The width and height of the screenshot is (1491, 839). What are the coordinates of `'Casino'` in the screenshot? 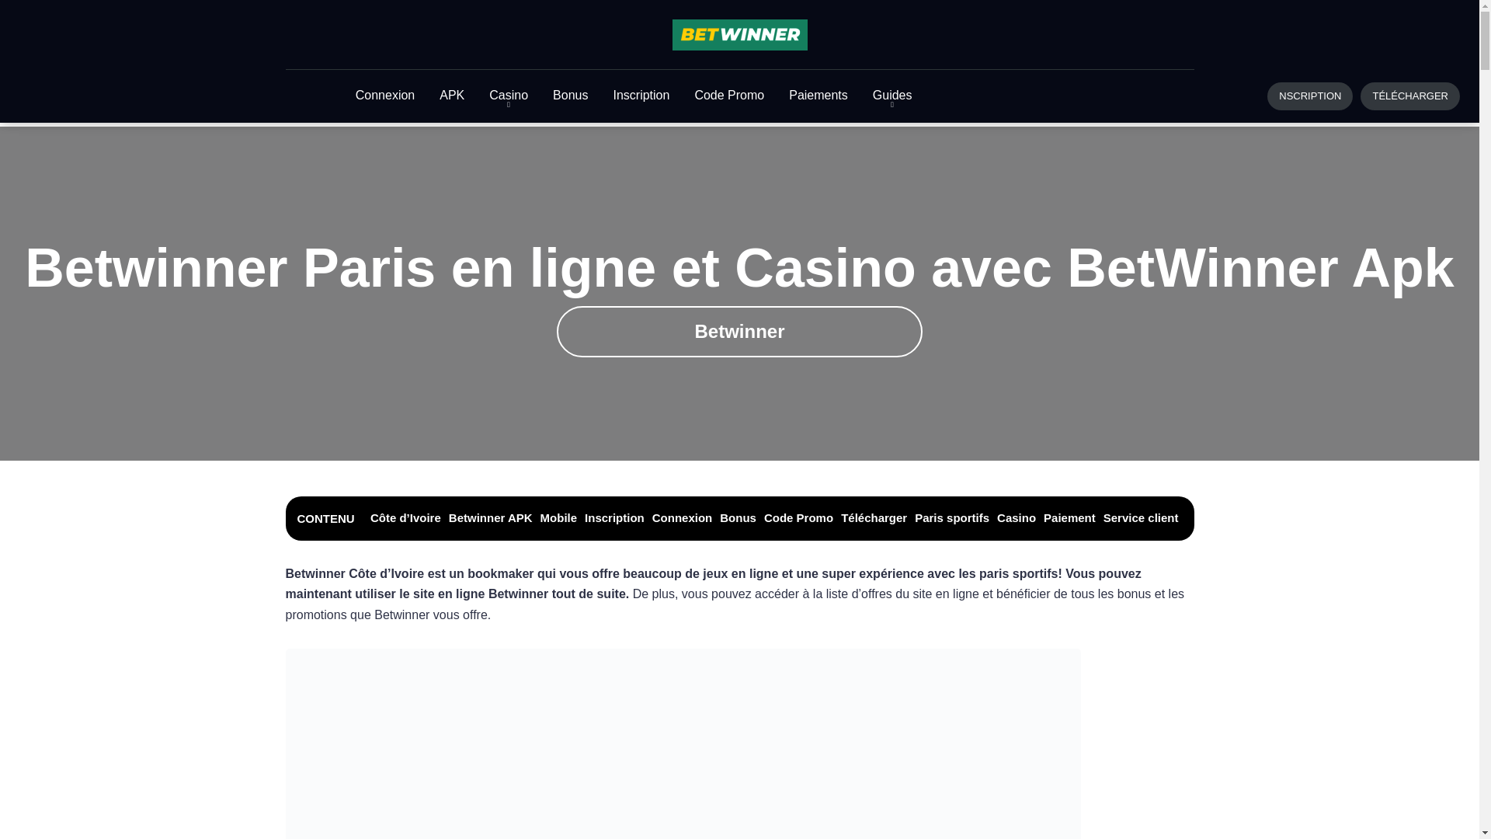 It's located at (508, 96).